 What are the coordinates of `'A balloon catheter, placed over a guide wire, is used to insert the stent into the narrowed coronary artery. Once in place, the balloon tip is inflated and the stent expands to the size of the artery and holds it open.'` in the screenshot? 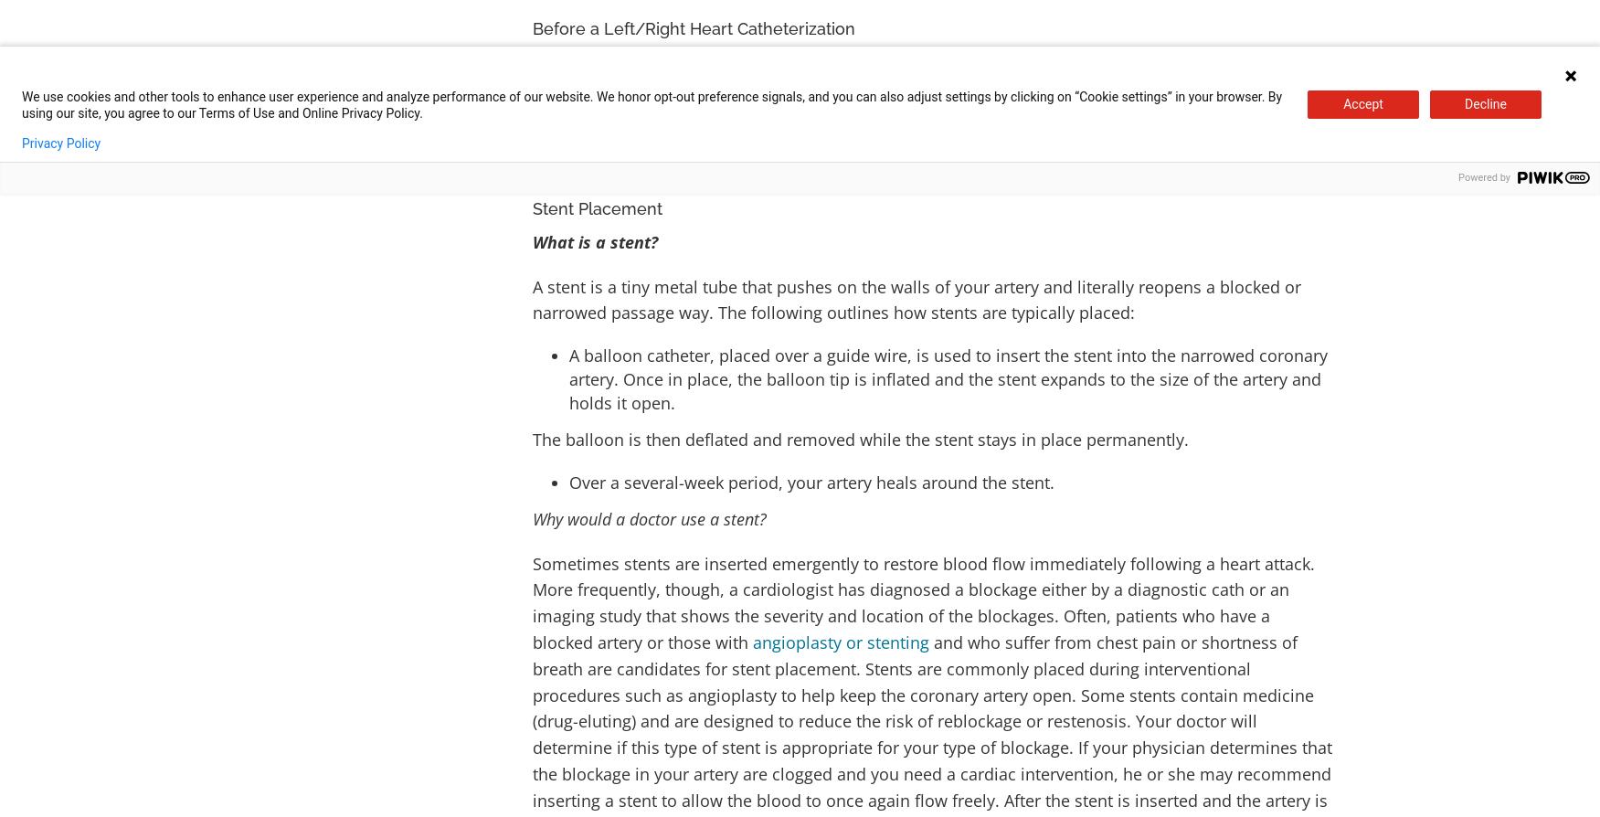 It's located at (947, 377).